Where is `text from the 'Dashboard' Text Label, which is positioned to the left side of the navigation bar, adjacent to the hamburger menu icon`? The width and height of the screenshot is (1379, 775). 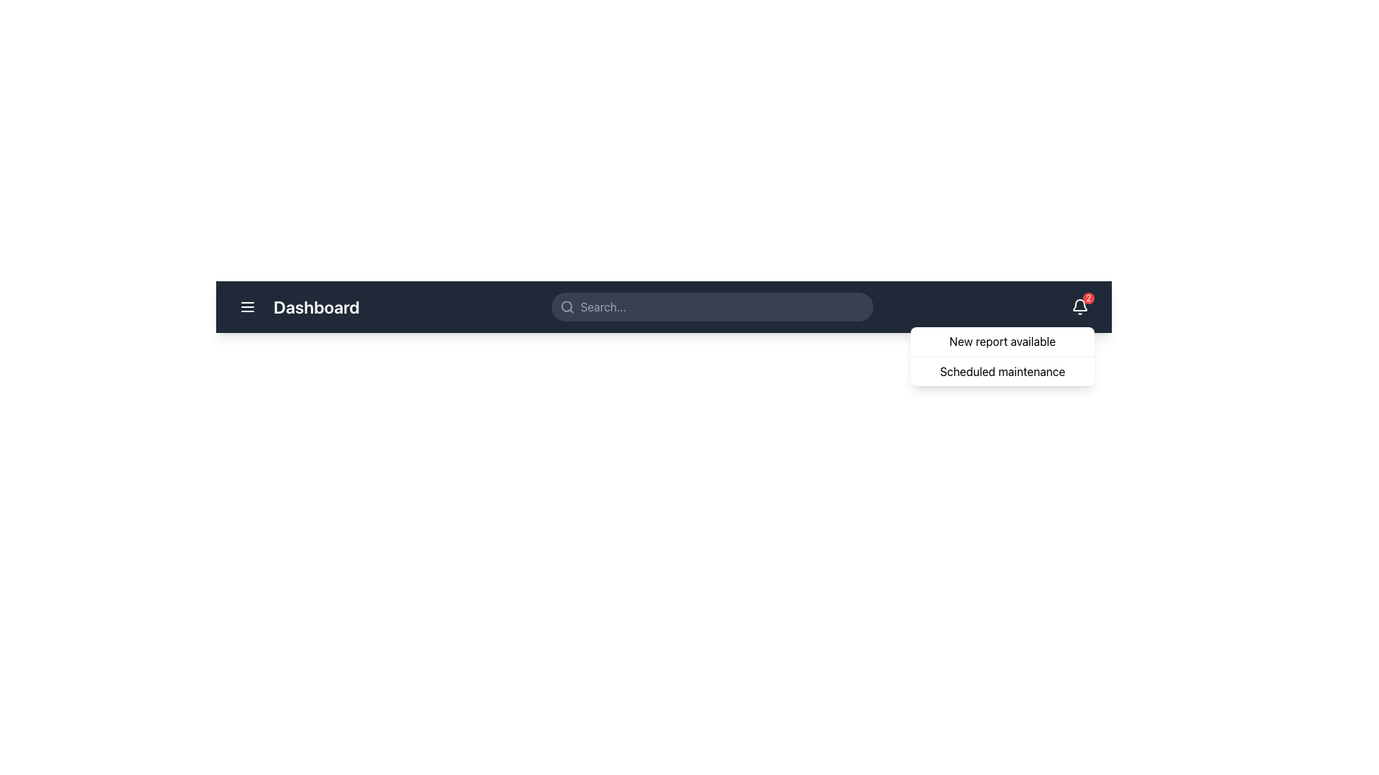
text from the 'Dashboard' Text Label, which is positioned to the left side of the navigation bar, adjacent to the hamburger menu icon is located at coordinates (295, 306).